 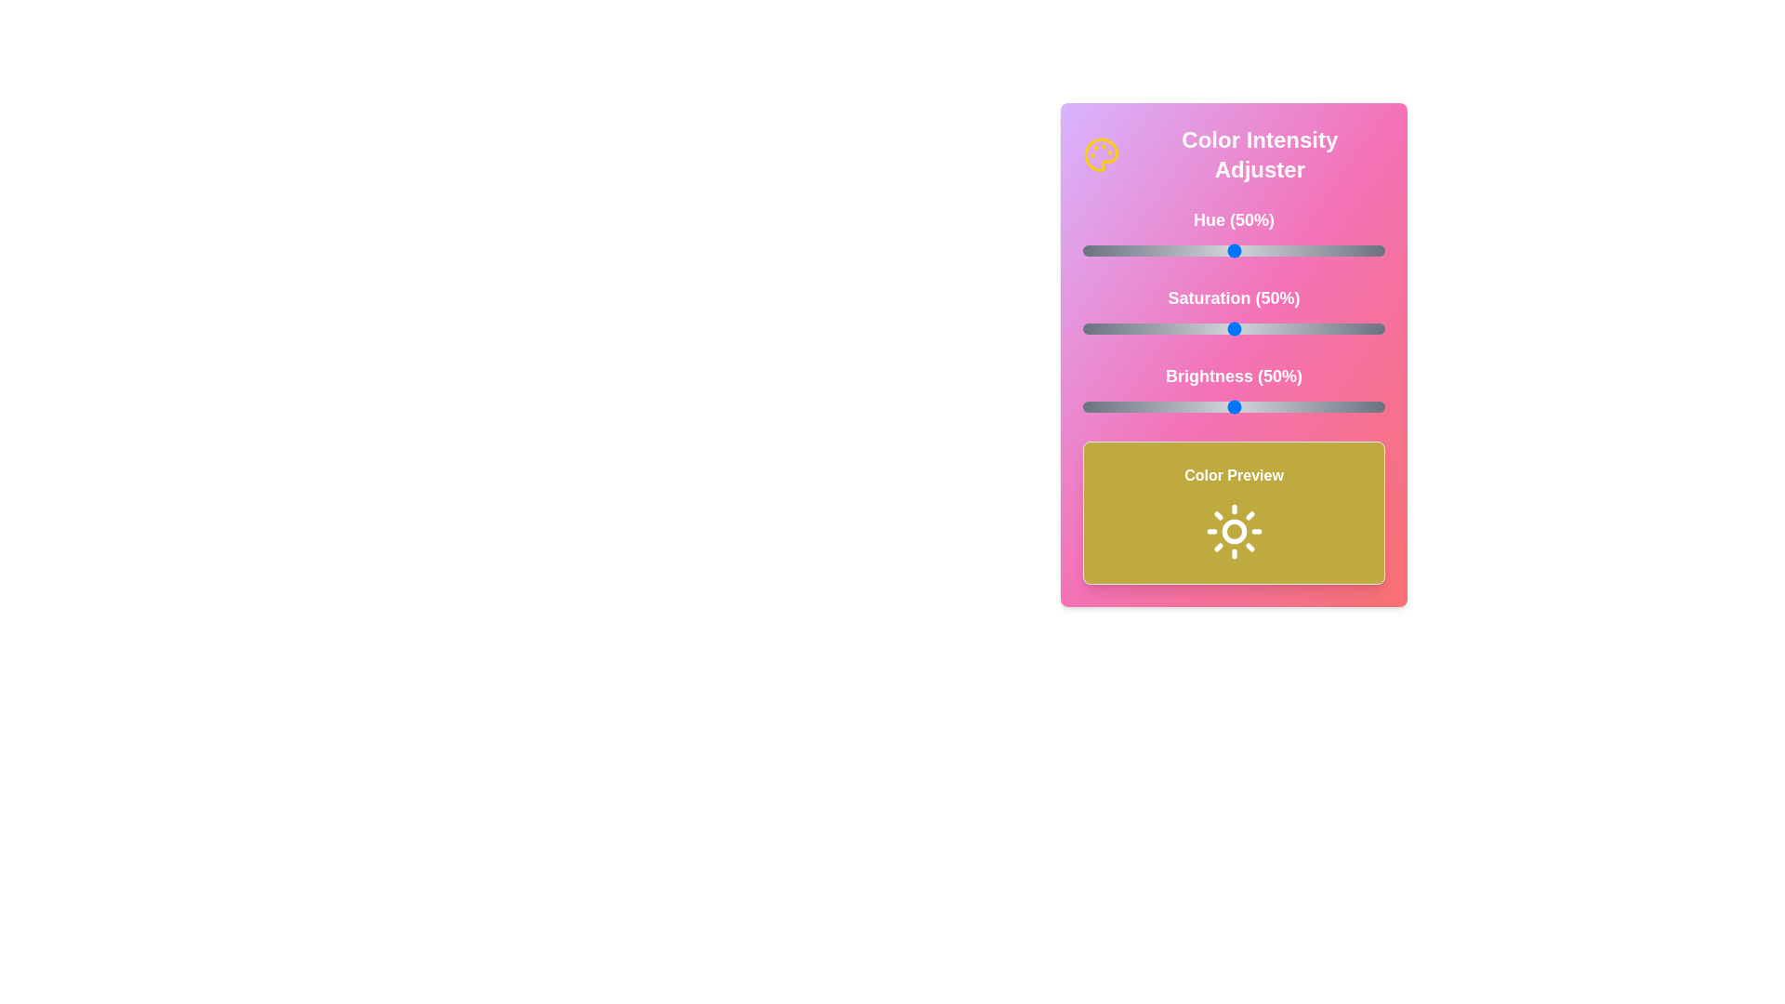 I want to click on the saturation slider to 85%, so click(x=1340, y=328).